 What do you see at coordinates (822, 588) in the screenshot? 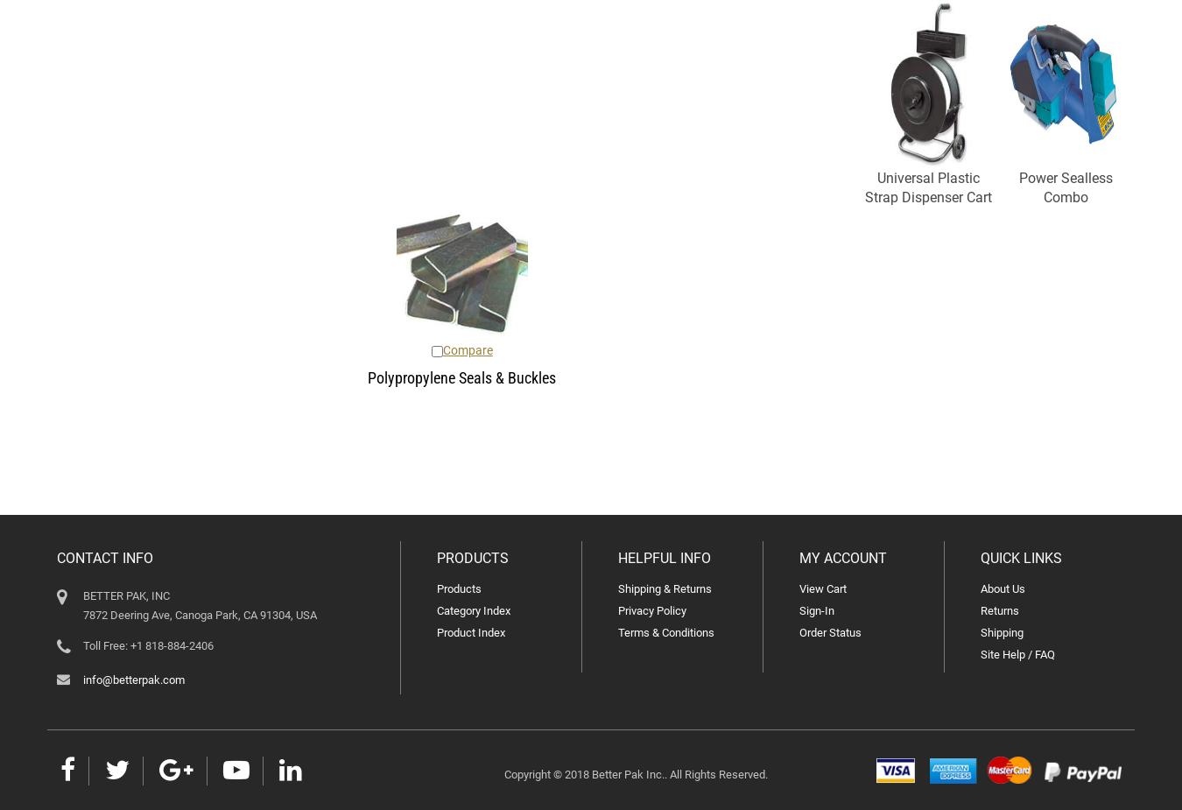
I see `'View Cart'` at bounding box center [822, 588].